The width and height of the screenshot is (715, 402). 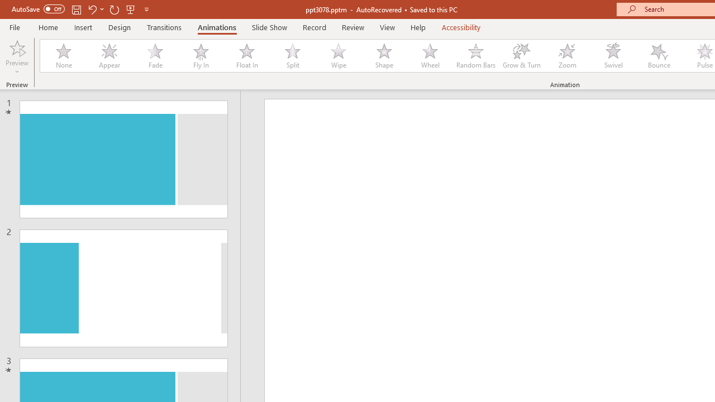 I want to click on 'Float In', so click(x=246, y=56).